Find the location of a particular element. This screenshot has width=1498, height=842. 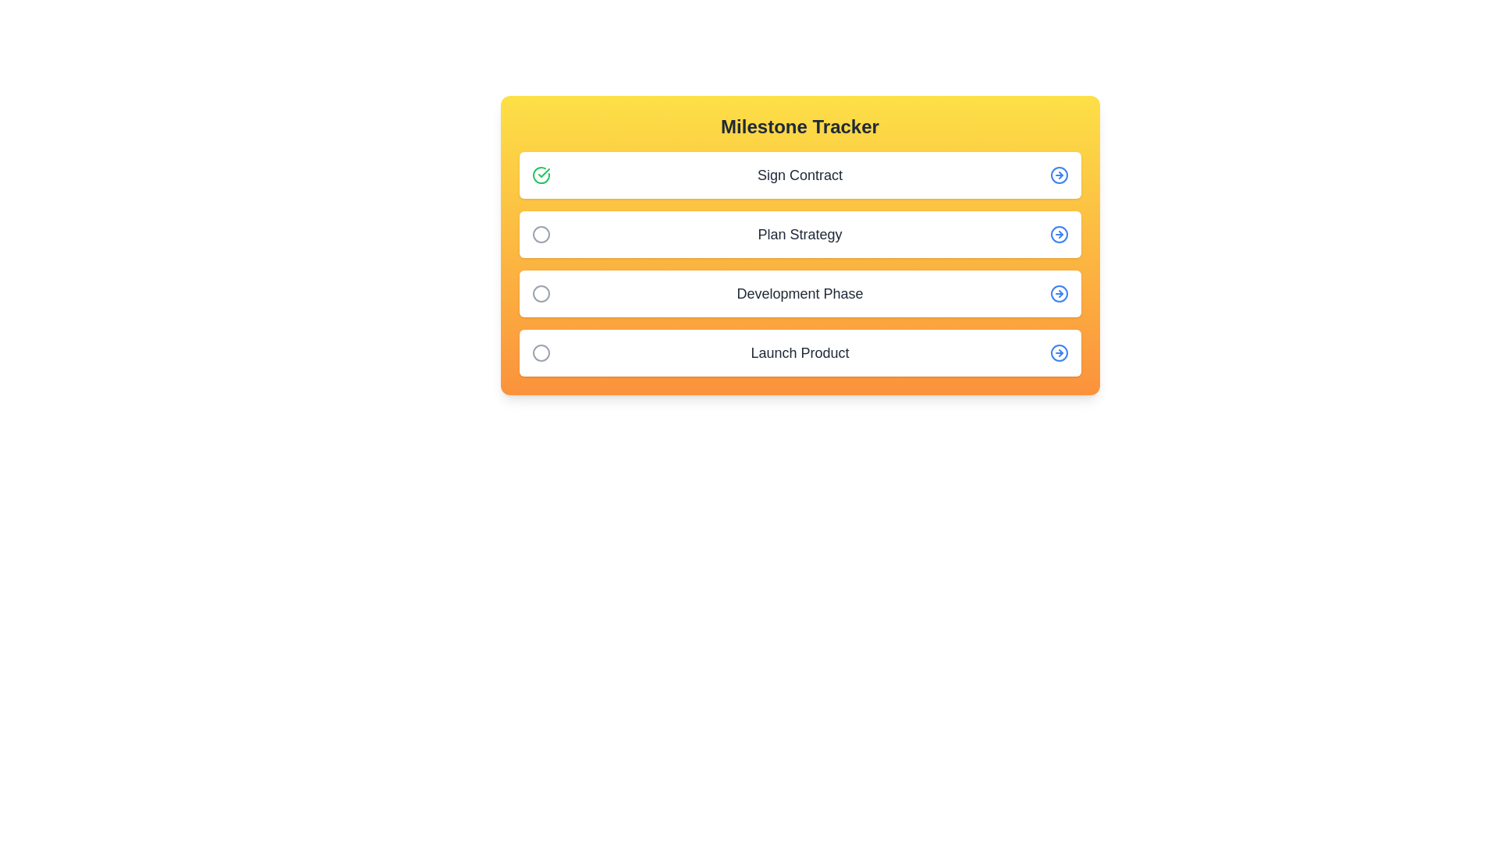

the circular SVG graphic element with a 10-unit radius, part of the third milestone indicator under the 'Development Phase' label in the milestone tracker is located at coordinates (541, 294).